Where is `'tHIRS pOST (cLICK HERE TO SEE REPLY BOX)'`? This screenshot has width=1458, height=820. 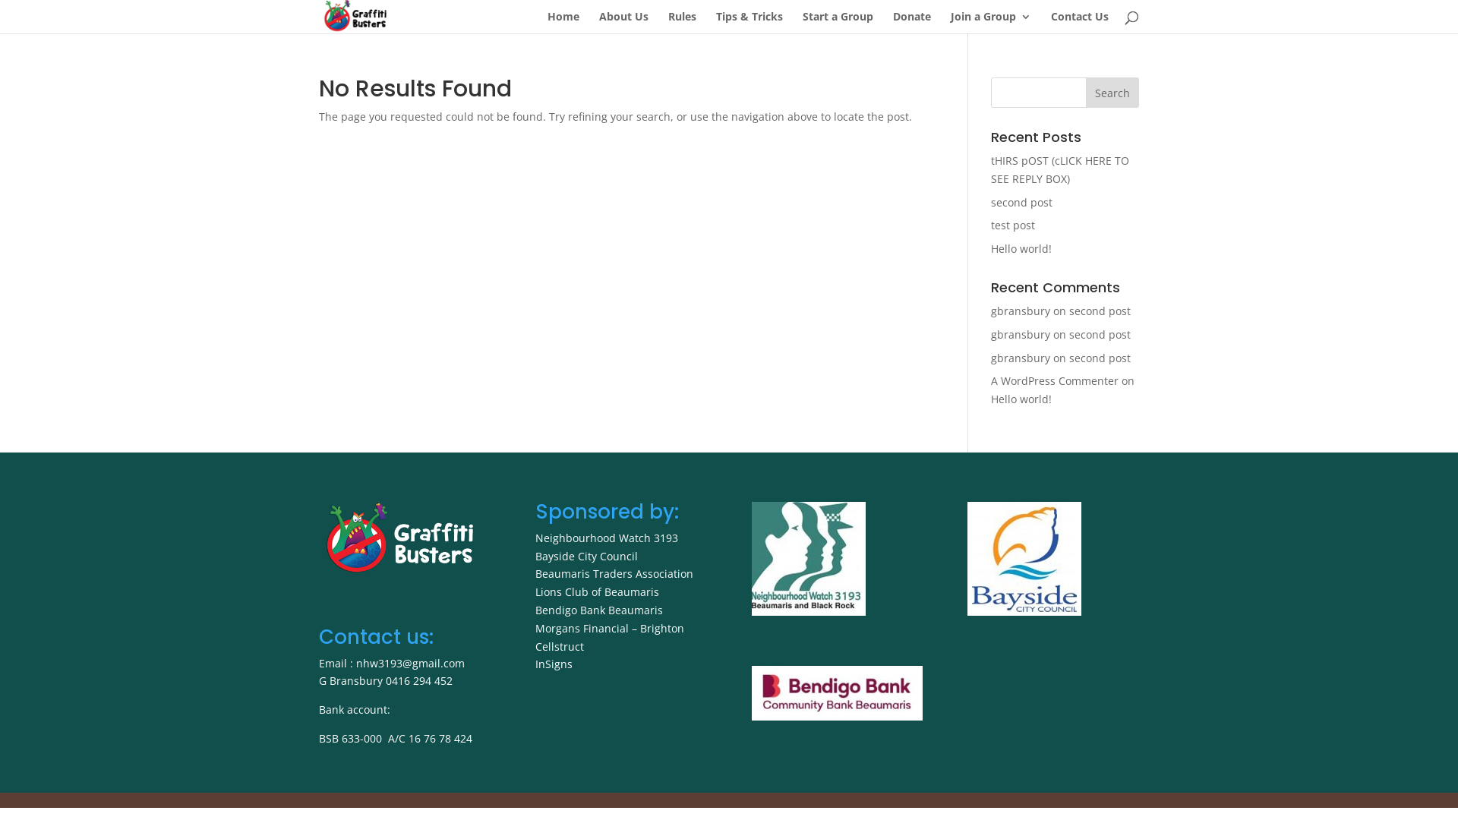 'tHIRS pOST (cLICK HERE TO SEE REPLY BOX)' is located at coordinates (1059, 169).